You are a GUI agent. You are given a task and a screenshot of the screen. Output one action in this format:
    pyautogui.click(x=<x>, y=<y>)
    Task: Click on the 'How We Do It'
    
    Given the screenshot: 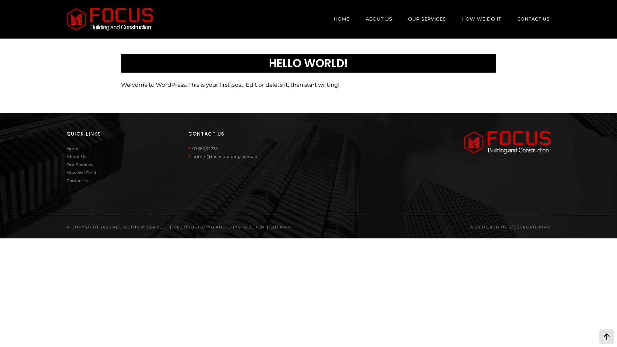 What is the action you would take?
    pyautogui.click(x=66, y=172)
    